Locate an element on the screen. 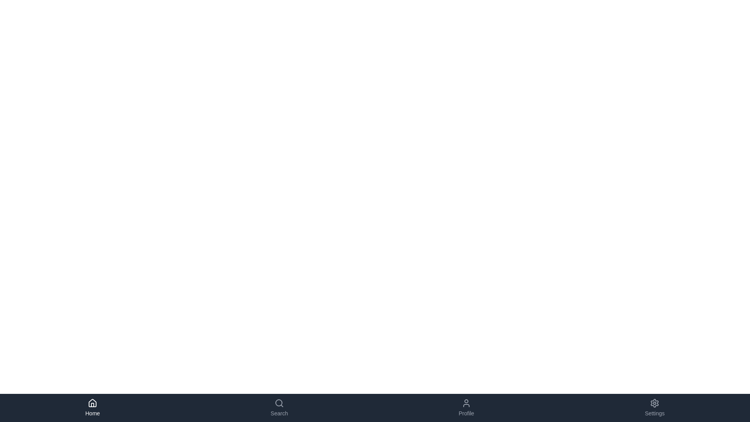  the 'Home' icon located in the bottom navigation bar, which symbolizes the application's homepage is located at coordinates (93, 403).